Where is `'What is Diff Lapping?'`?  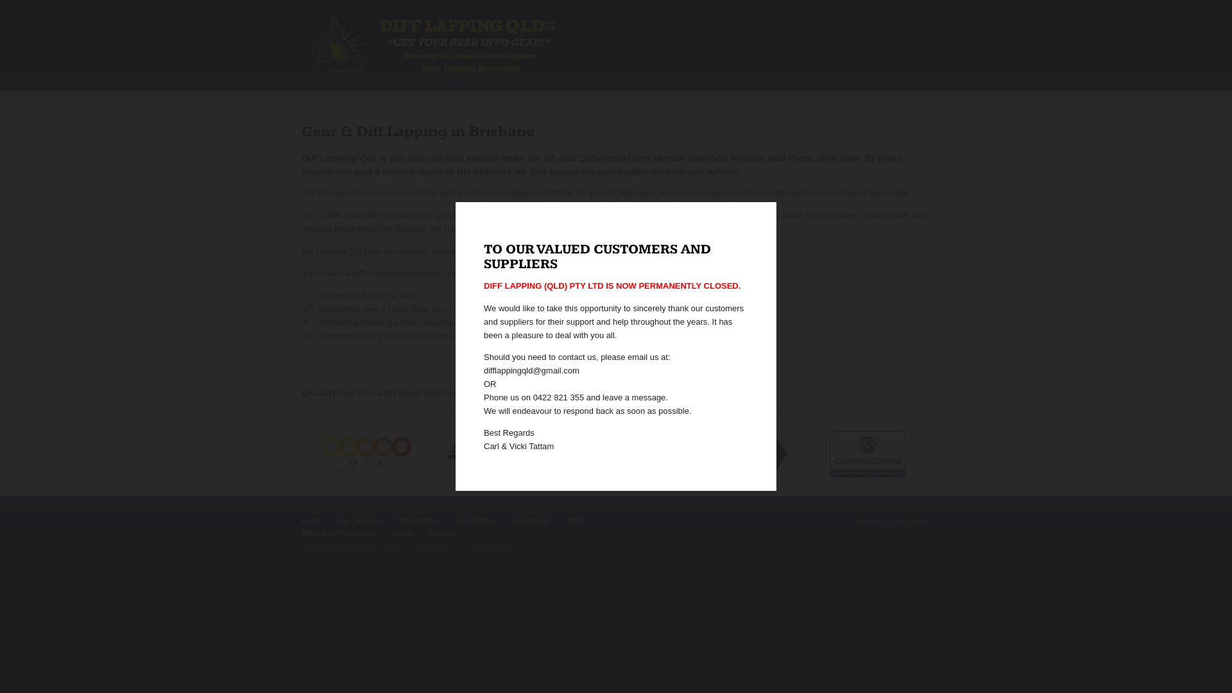
'What is Diff Lapping?' is located at coordinates (338, 533).